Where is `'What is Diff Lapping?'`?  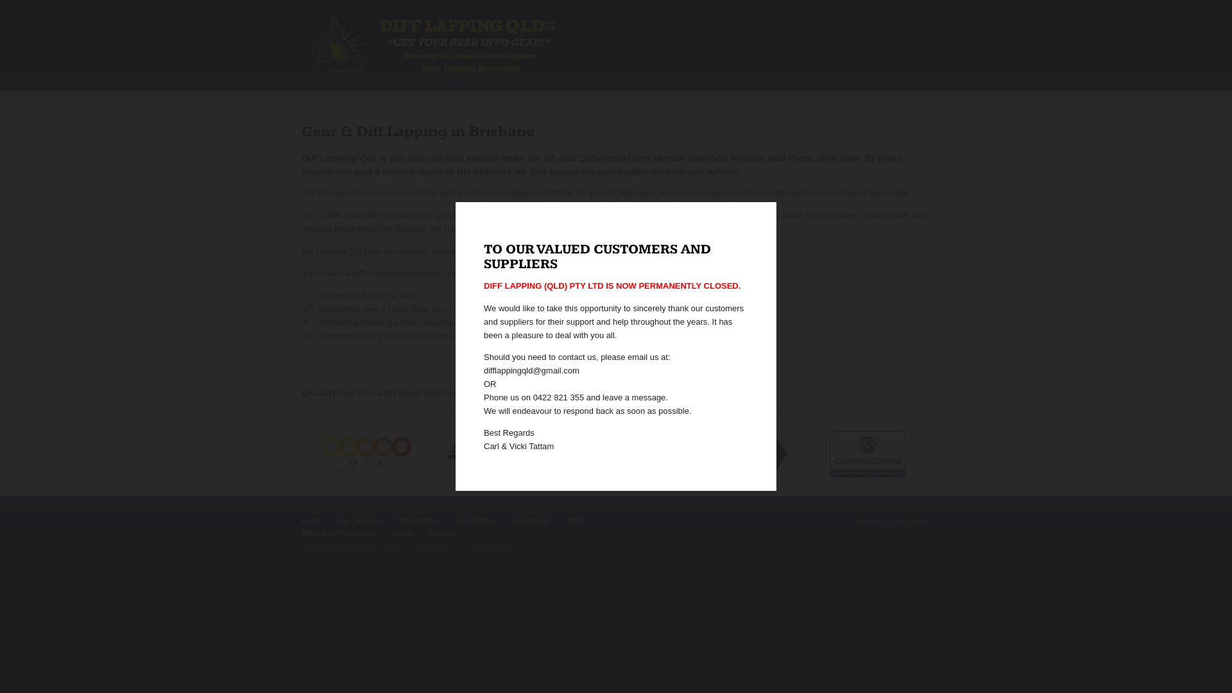
'What is Diff Lapping?' is located at coordinates (338, 533).